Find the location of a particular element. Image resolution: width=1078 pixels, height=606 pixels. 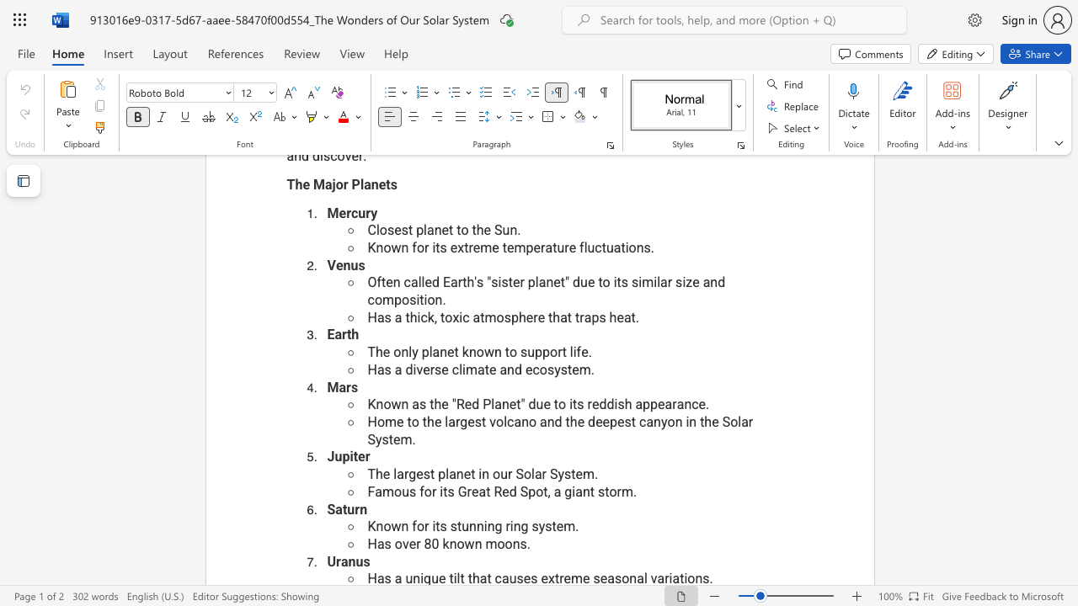

the subset text "as over 80 known moons." within the text "Has over 80 known moons." is located at coordinates (376, 544).